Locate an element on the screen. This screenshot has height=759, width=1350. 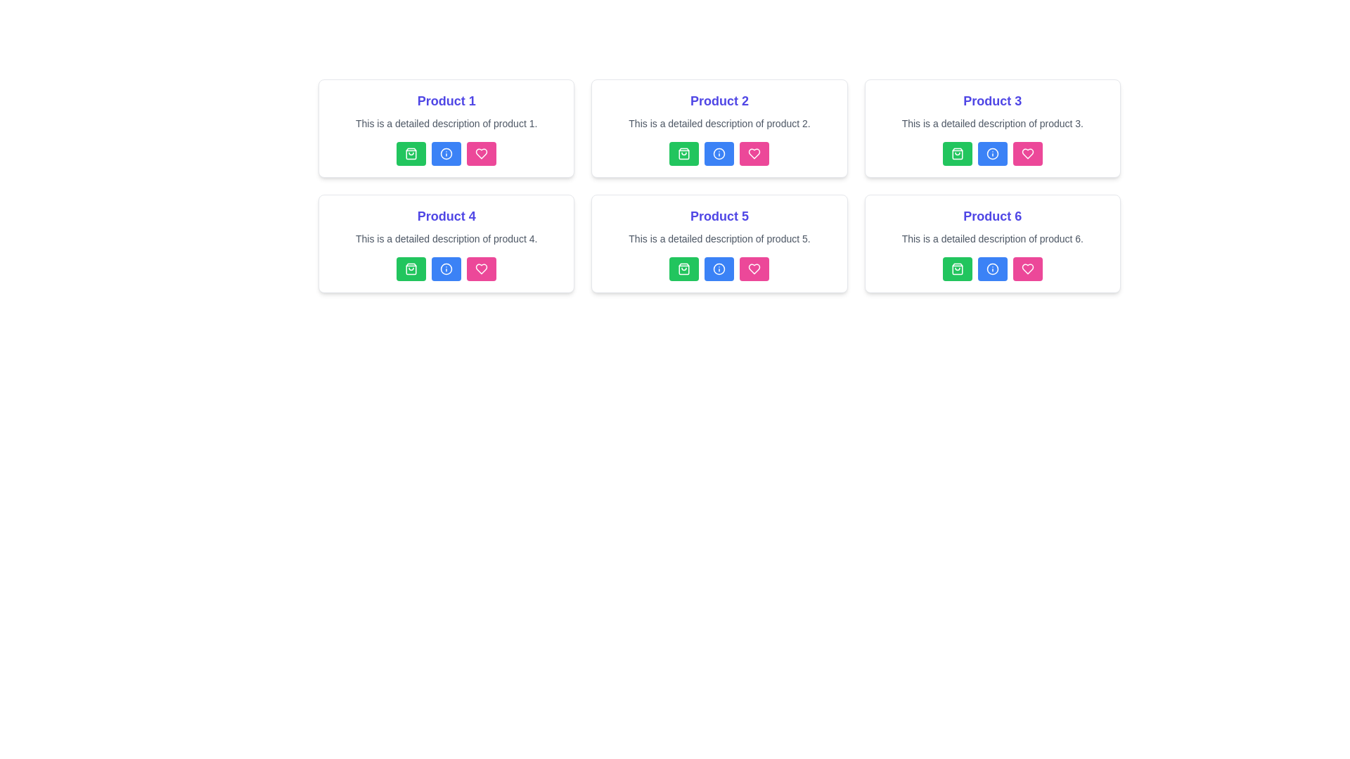
the green button with a shopping bag icon located under 'Product 1', which is the first button in the row of three buttons is located at coordinates (411, 154).